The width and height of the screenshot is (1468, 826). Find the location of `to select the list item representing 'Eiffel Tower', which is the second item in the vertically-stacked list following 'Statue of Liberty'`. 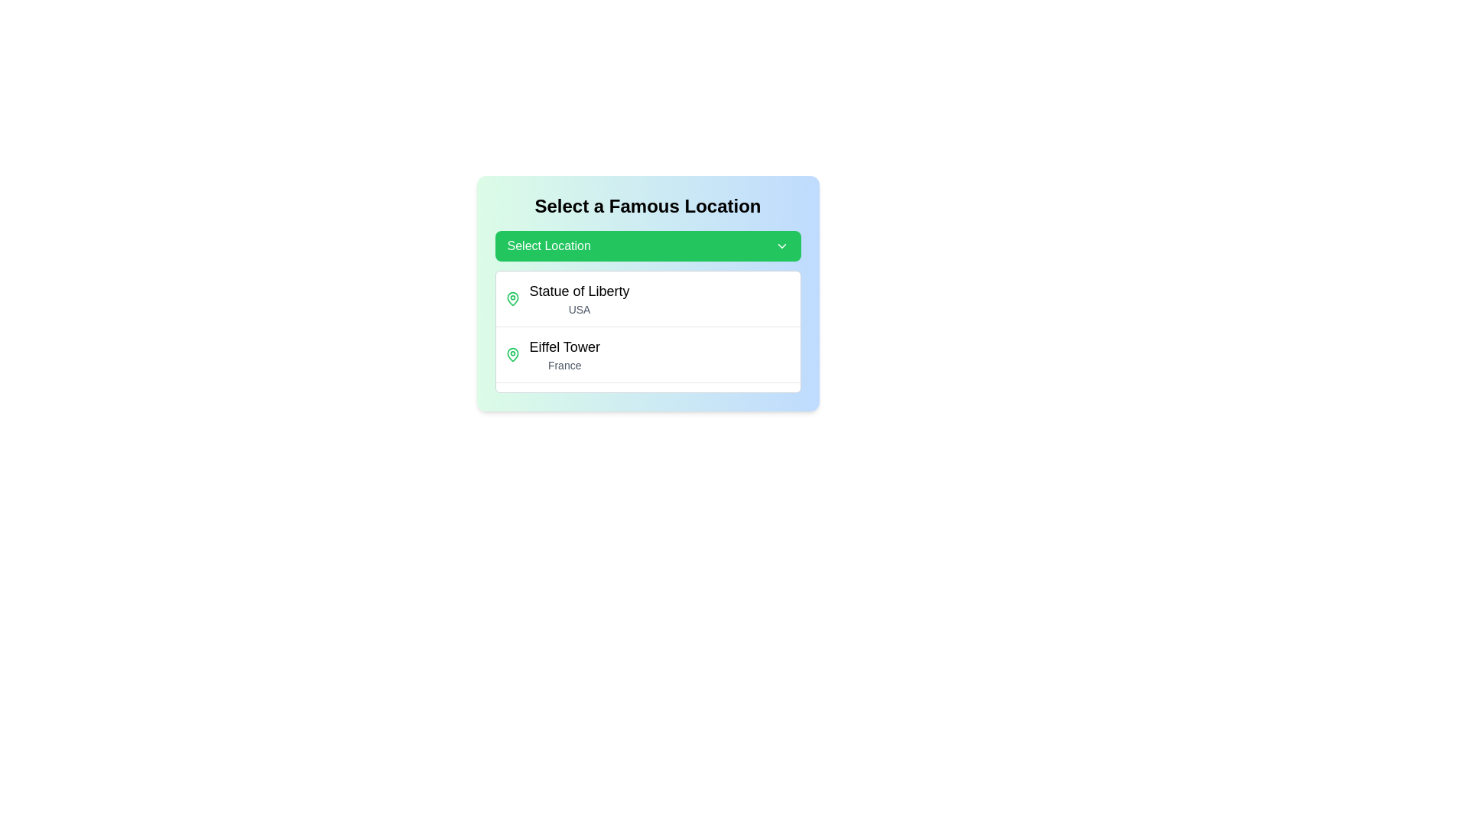

to select the list item representing 'Eiffel Tower', which is the second item in the vertically-stacked list following 'Statue of Liberty' is located at coordinates (551, 354).